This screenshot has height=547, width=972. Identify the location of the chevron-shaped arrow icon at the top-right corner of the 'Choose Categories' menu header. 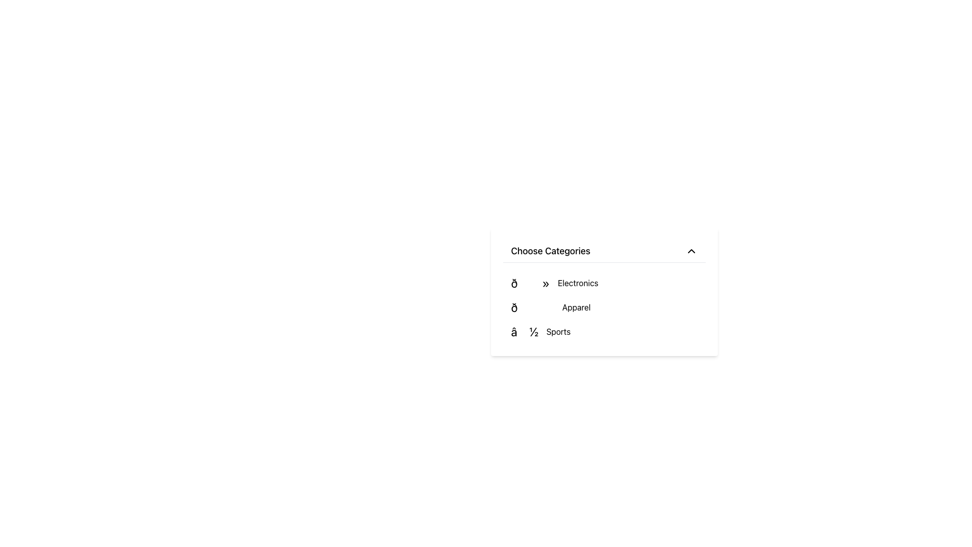
(691, 251).